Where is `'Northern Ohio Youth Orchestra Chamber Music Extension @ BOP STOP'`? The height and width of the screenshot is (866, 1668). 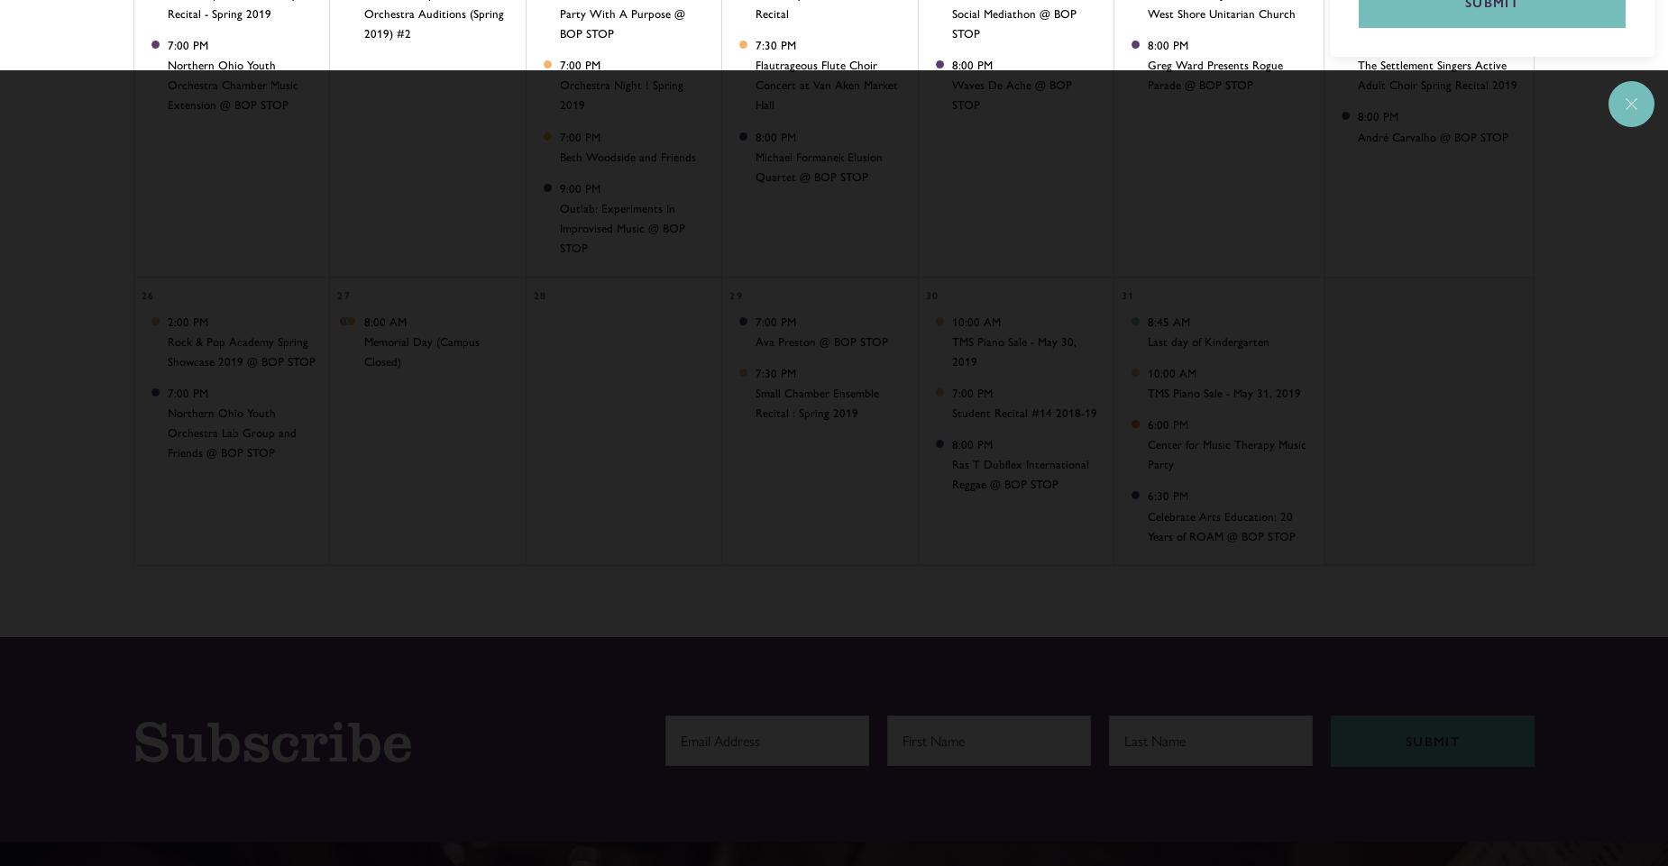 'Northern Ohio Youth Orchestra Chamber Music Extension @ BOP STOP' is located at coordinates (232, 84).